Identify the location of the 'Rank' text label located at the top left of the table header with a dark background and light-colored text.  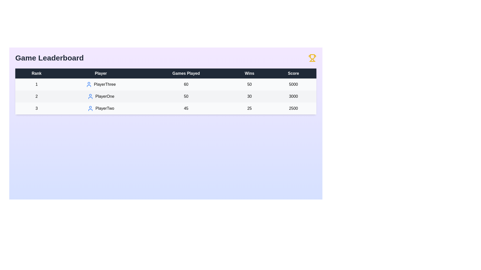
(36, 73).